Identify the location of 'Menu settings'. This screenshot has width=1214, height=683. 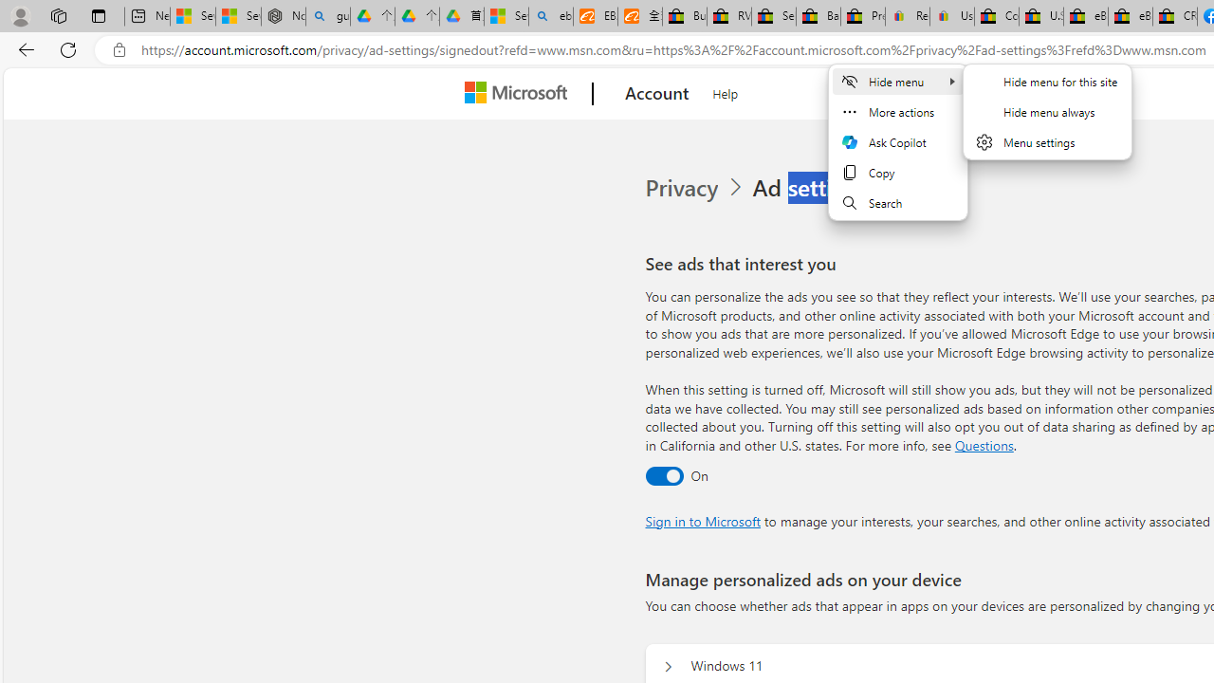
(1046, 141).